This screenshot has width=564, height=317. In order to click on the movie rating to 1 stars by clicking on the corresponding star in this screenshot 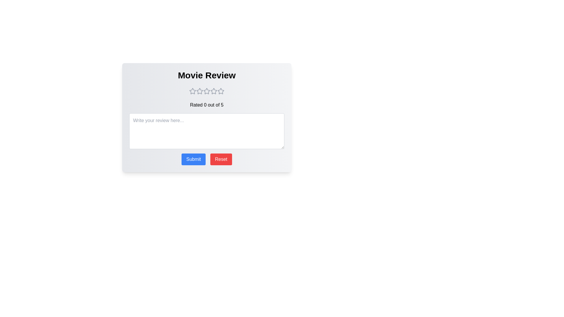, I will do `click(193, 91)`.